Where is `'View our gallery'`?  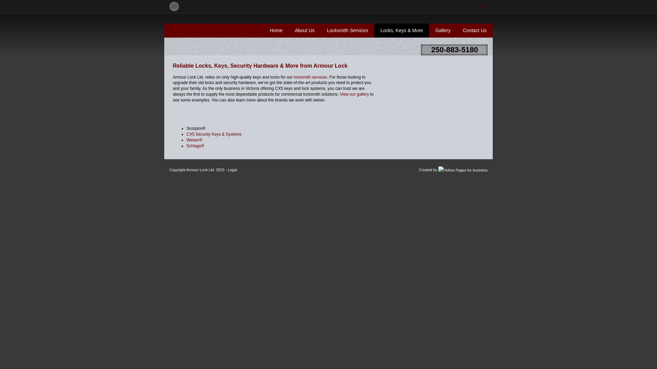
'View our gallery' is located at coordinates (354, 94).